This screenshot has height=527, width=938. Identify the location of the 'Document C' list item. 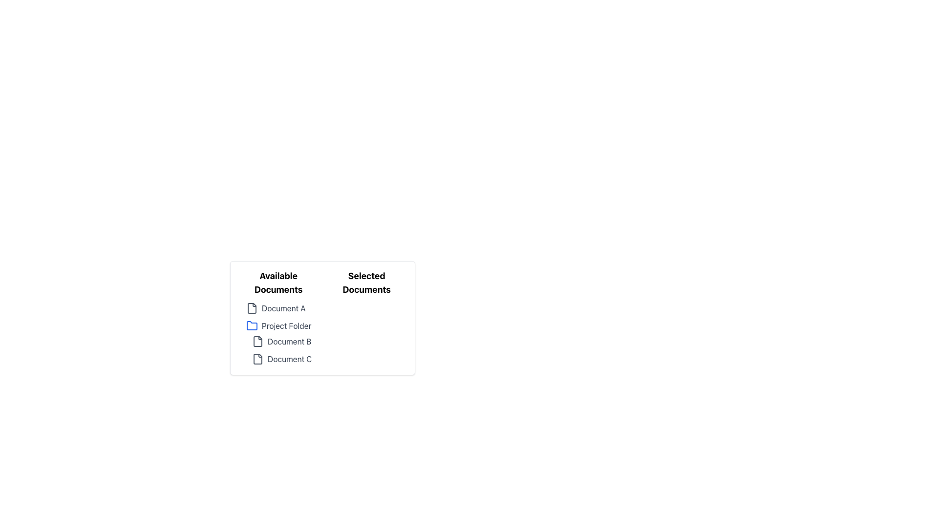
(281, 359).